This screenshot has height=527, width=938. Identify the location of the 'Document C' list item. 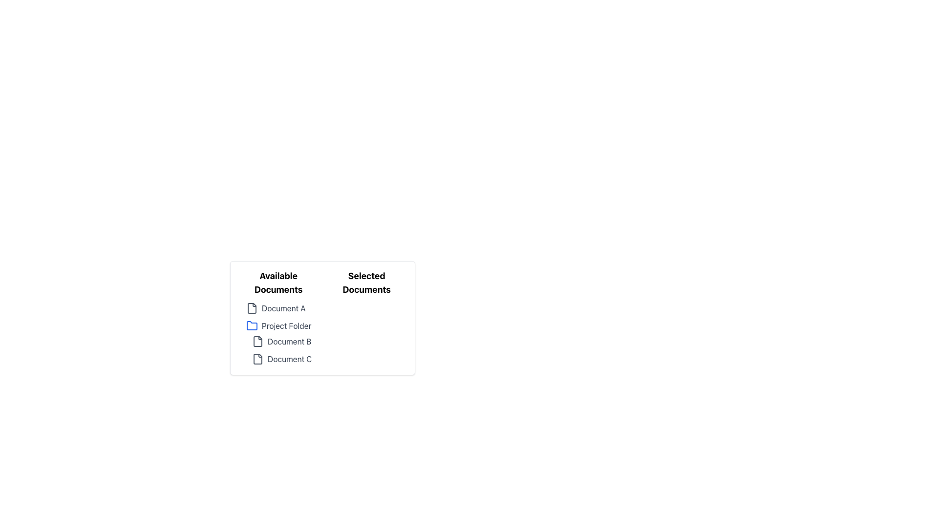
(281, 359).